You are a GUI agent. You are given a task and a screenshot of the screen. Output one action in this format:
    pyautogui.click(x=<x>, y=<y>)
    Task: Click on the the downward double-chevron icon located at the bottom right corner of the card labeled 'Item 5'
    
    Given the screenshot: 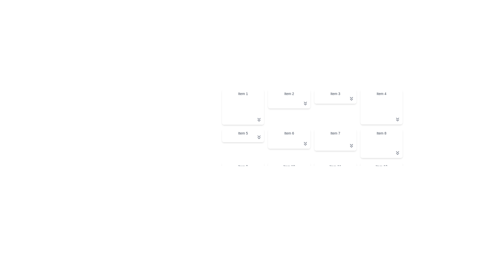 What is the action you would take?
    pyautogui.click(x=259, y=137)
    